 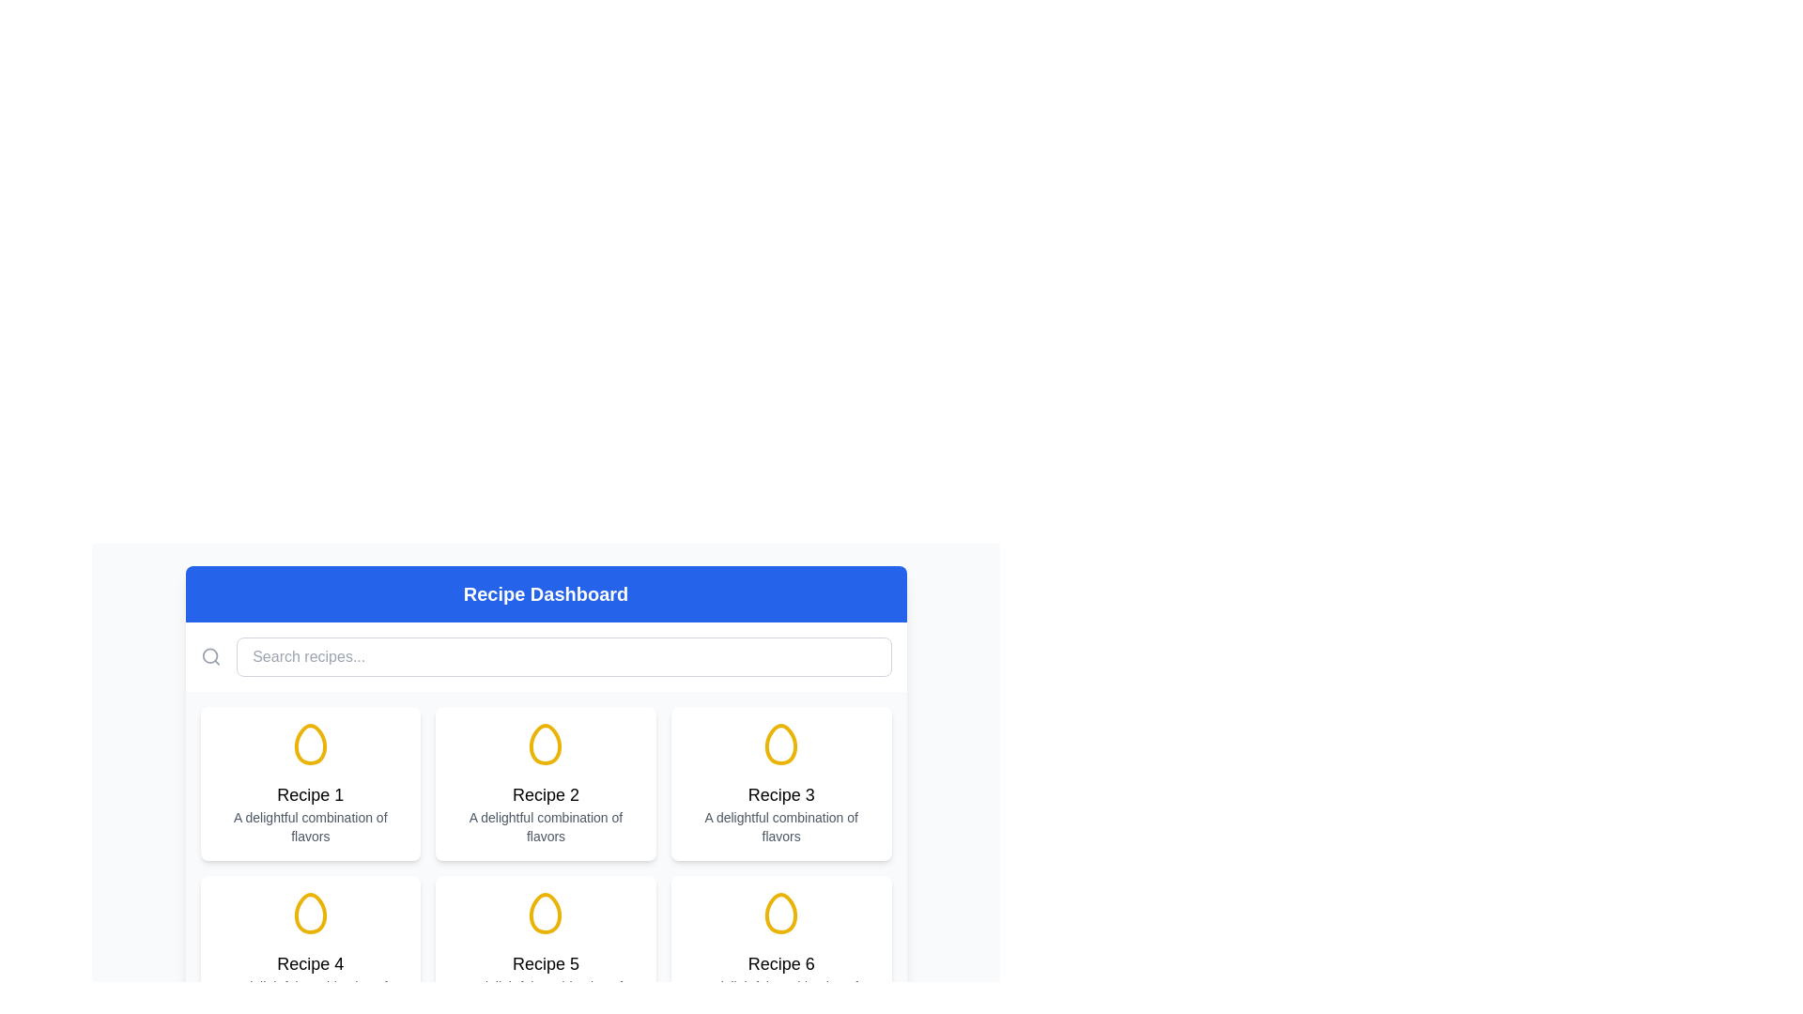 What do you see at coordinates (310, 963) in the screenshot?
I see `the text element displaying the title of 'Recipe 4', located below the egg icon and above the description text` at bounding box center [310, 963].